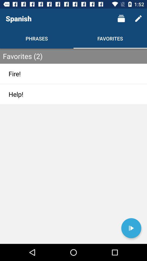 The width and height of the screenshot is (147, 261). Describe the element at coordinates (121, 18) in the screenshot. I see `item above favorites item` at that location.